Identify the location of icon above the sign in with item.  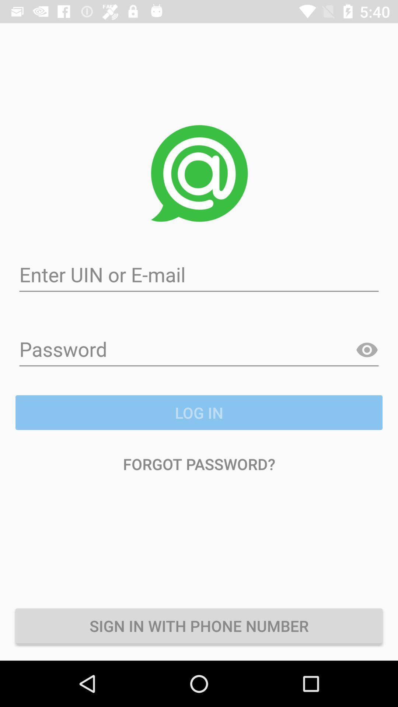
(199, 463).